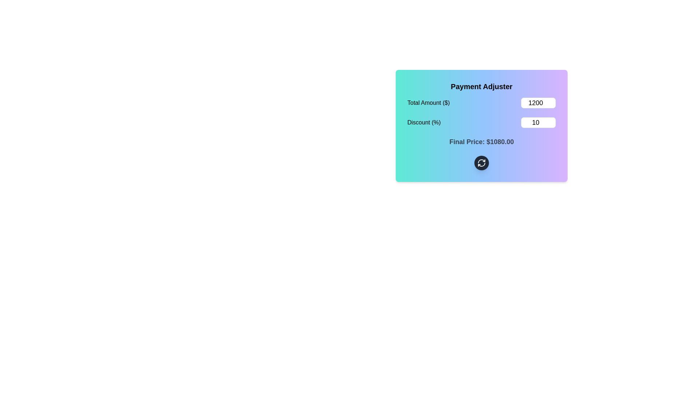 The image size is (699, 393). I want to click on the Text label that indicates a percentage discount, located in the middle-left section of the 'Payment Adjuster' panel, to provide context for the adjacent numeric input field, so click(424, 122).